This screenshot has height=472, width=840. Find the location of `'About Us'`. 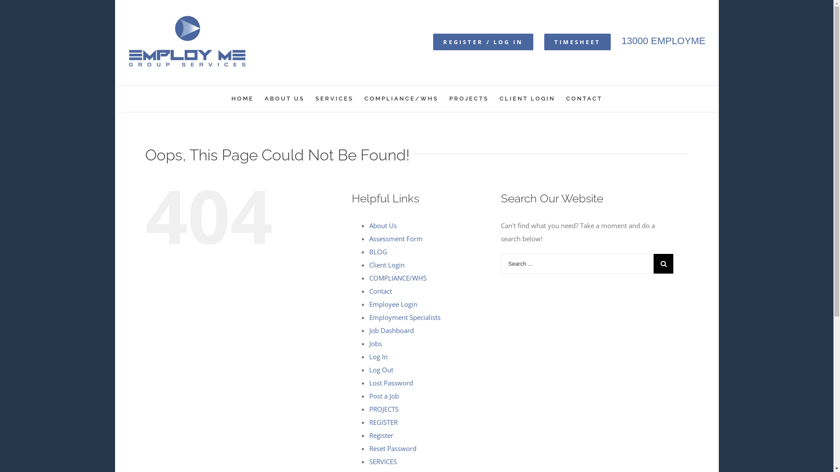

'About Us' is located at coordinates (383, 225).